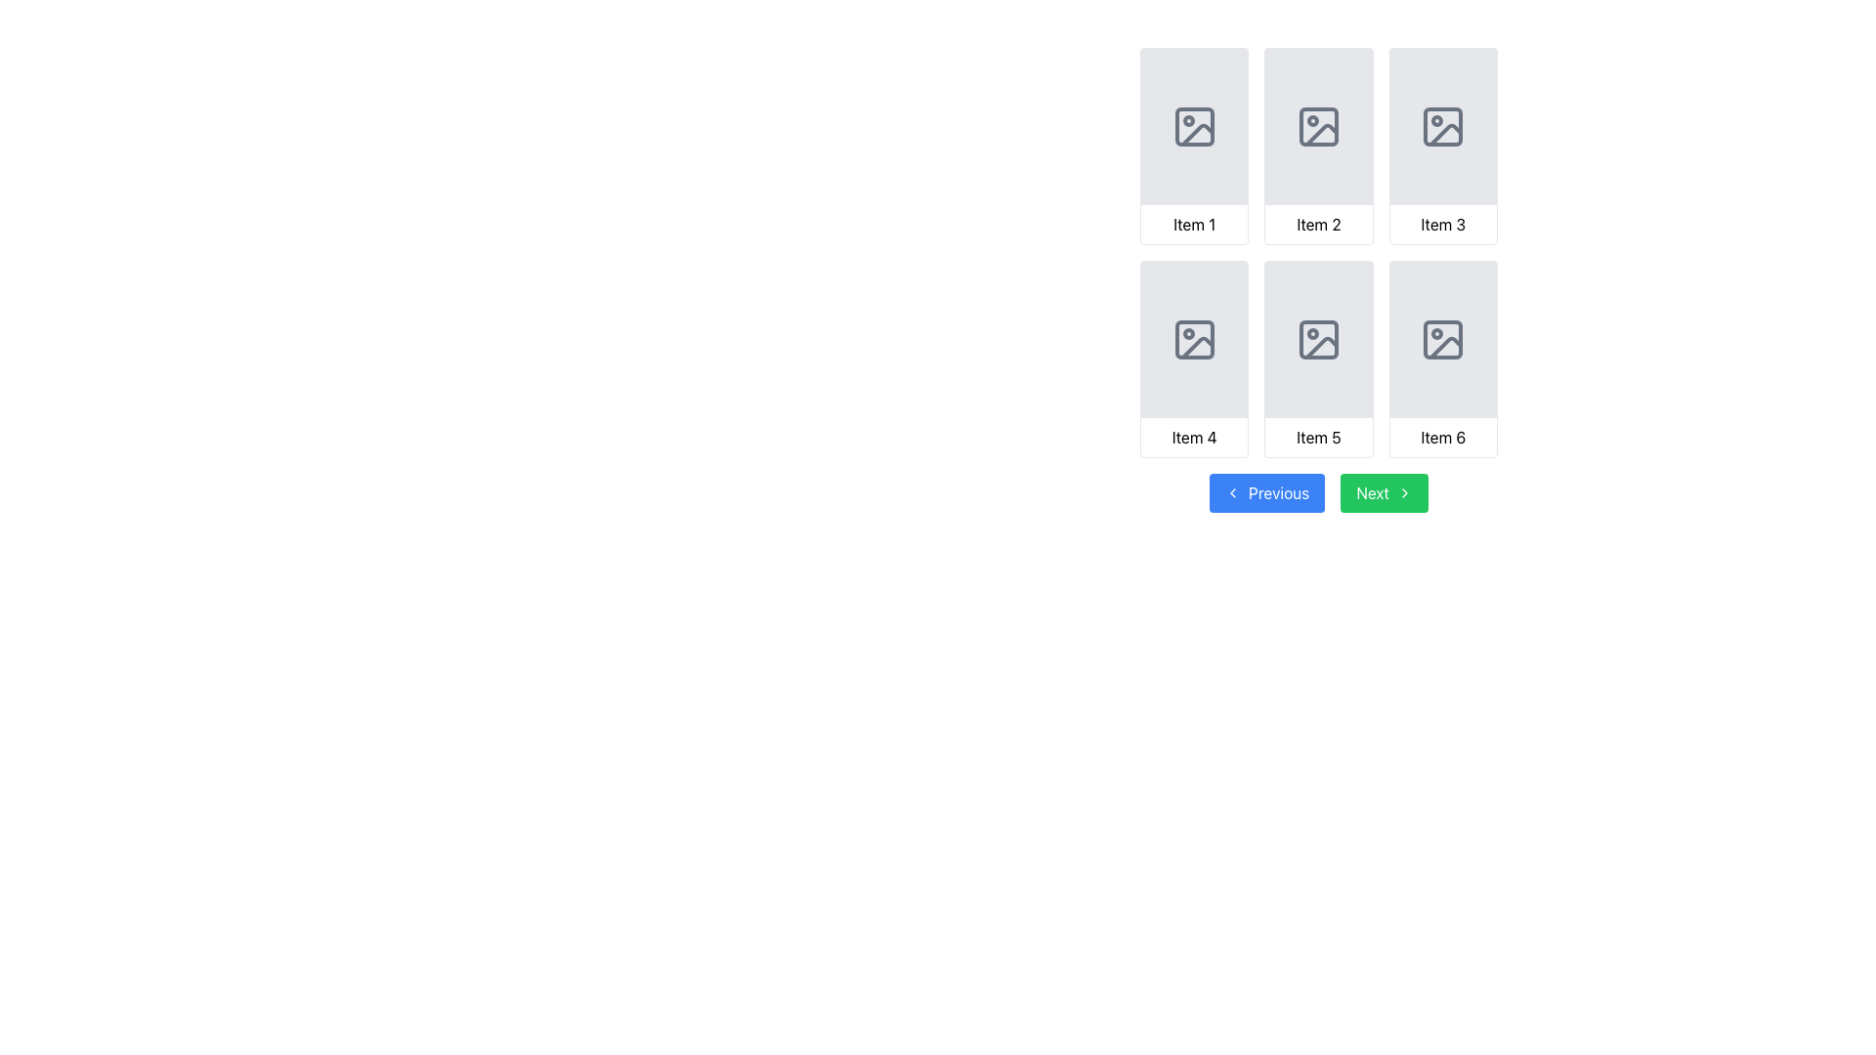  What do you see at coordinates (1318, 251) in the screenshot?
I see `the grid layout containing six items with placeholder icons and labels, located near the center of the layout` at bounding box center [1318, 251].